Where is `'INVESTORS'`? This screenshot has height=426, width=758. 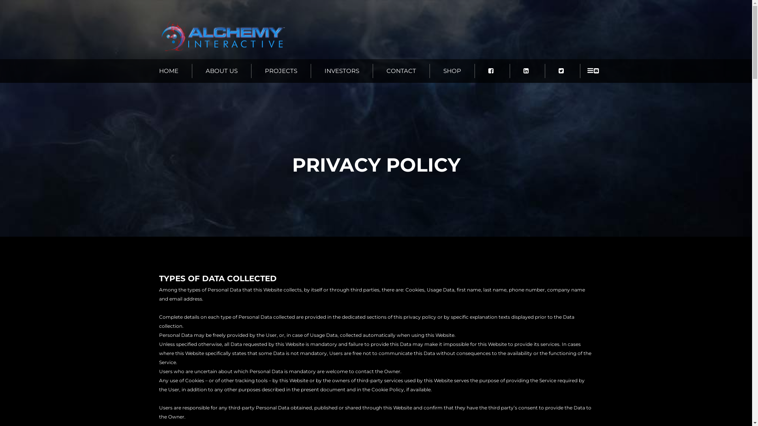 'INVESTORS' is located at coordinates (342, 71).